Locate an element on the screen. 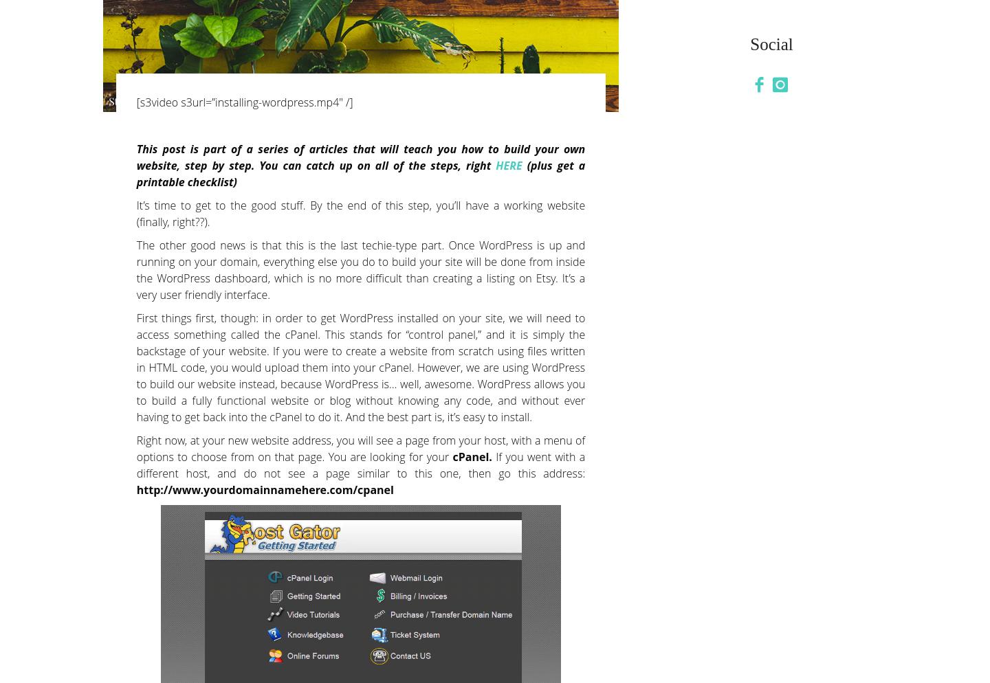 Image resolution: width=990 pixels, height=683 pixels. 'http://www.yourdomainnamehere.com/cpanel' is located at coordinates (264, 489).